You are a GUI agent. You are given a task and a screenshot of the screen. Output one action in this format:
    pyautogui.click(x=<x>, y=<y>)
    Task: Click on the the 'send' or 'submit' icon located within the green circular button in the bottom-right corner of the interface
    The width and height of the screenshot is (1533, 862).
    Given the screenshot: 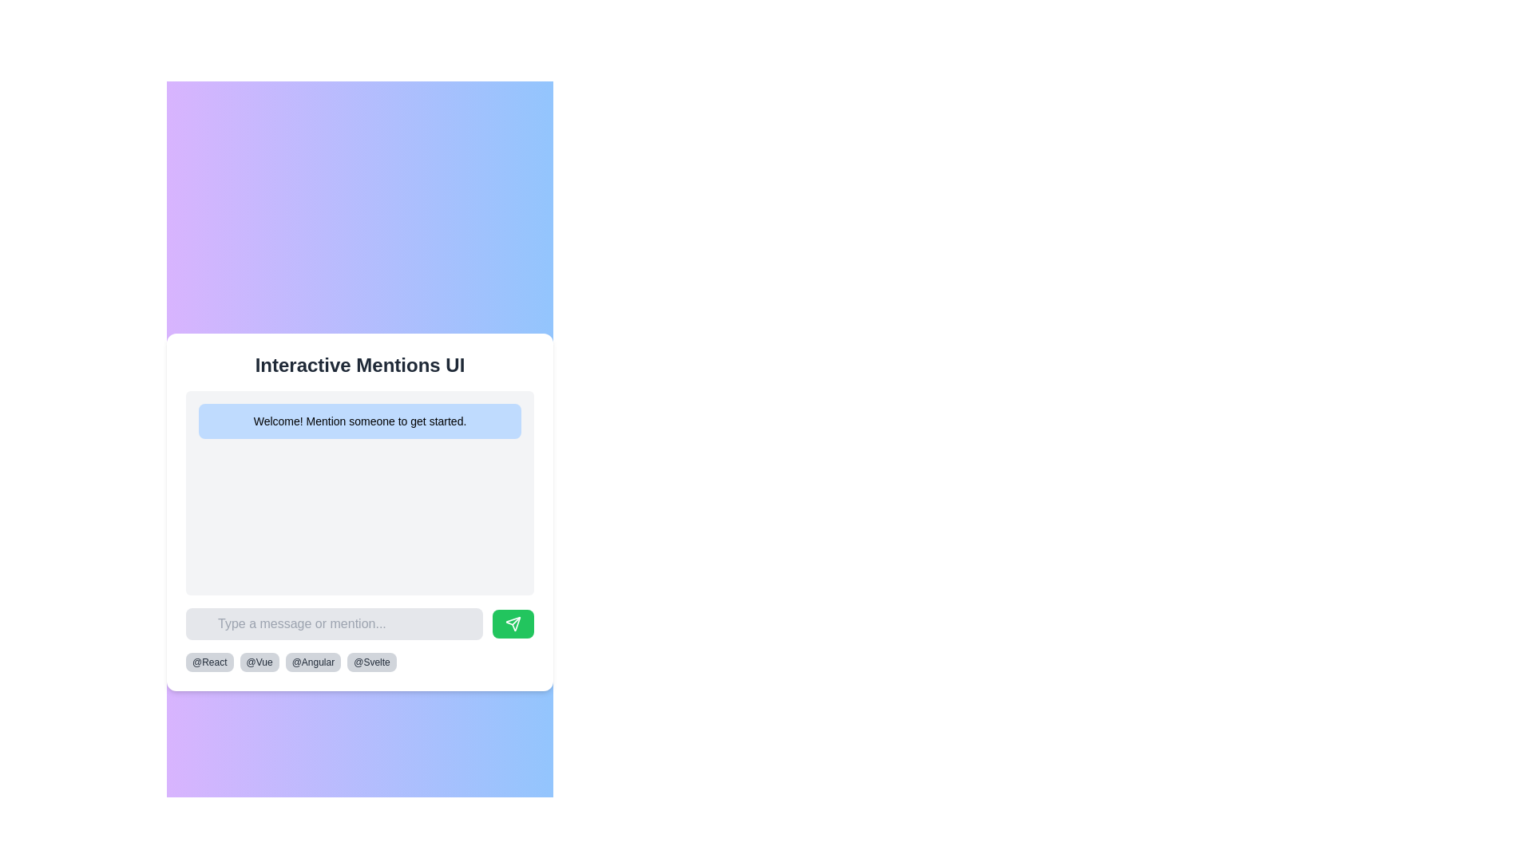 What is the action you would take?
    pyautogui.click(x=516, y=620)
    